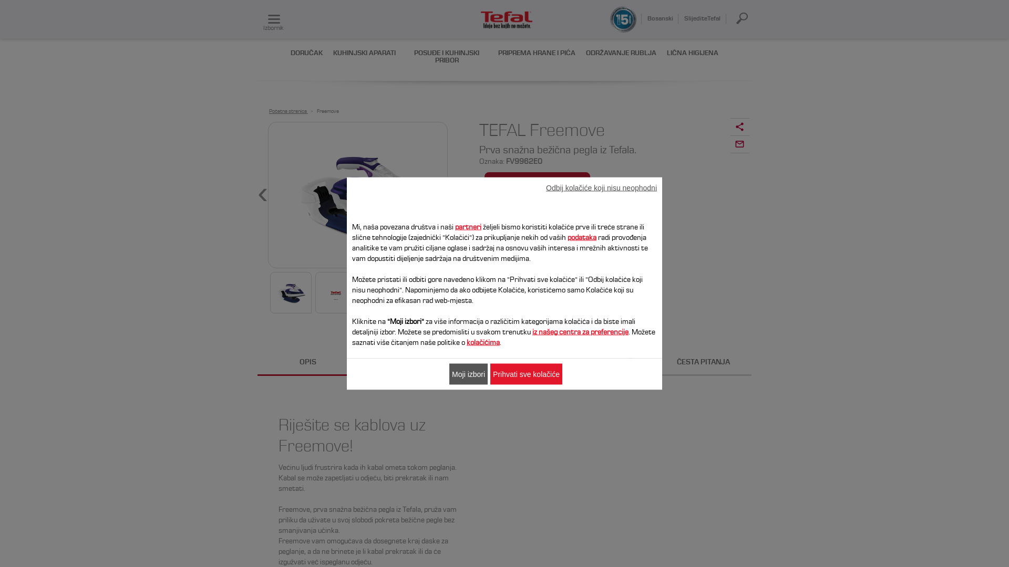 The width and height of the screenshot is (1009, 567). What do you see at coordinates (274, 19) in the screenshot?
I see `'Izbornik'` at bounding box center [274, 19].